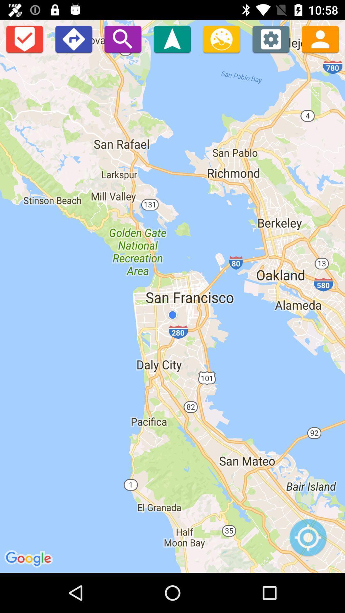  Describe the element at coordinates (172, 39) in the screenshot. I see `go to` at that location.